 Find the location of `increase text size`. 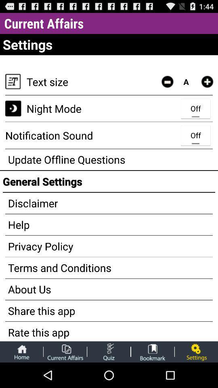

increase text size is located at coordinates (207, 82).